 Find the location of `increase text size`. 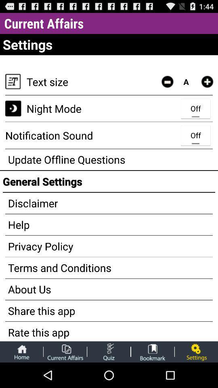

increase text size is located at coordinates (207, 82).